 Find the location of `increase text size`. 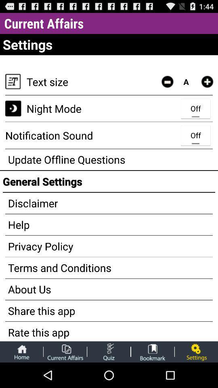

increase text size is located at coordinates (207, 82).